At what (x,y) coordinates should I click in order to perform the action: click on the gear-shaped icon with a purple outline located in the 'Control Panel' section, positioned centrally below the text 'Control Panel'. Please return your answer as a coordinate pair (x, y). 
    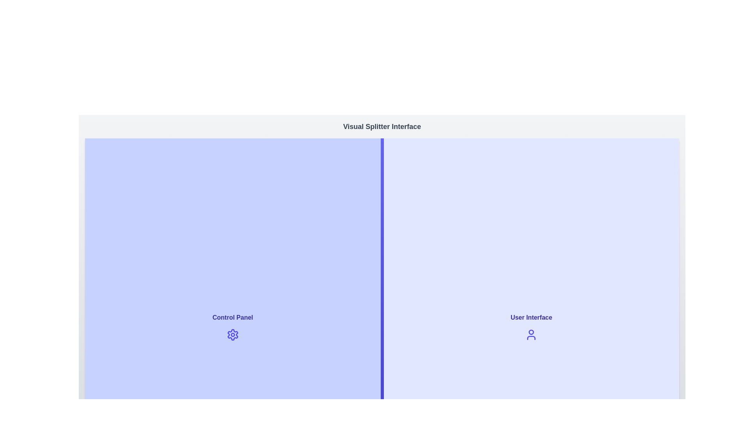
    Looking at the image, I should click on (232, 334).